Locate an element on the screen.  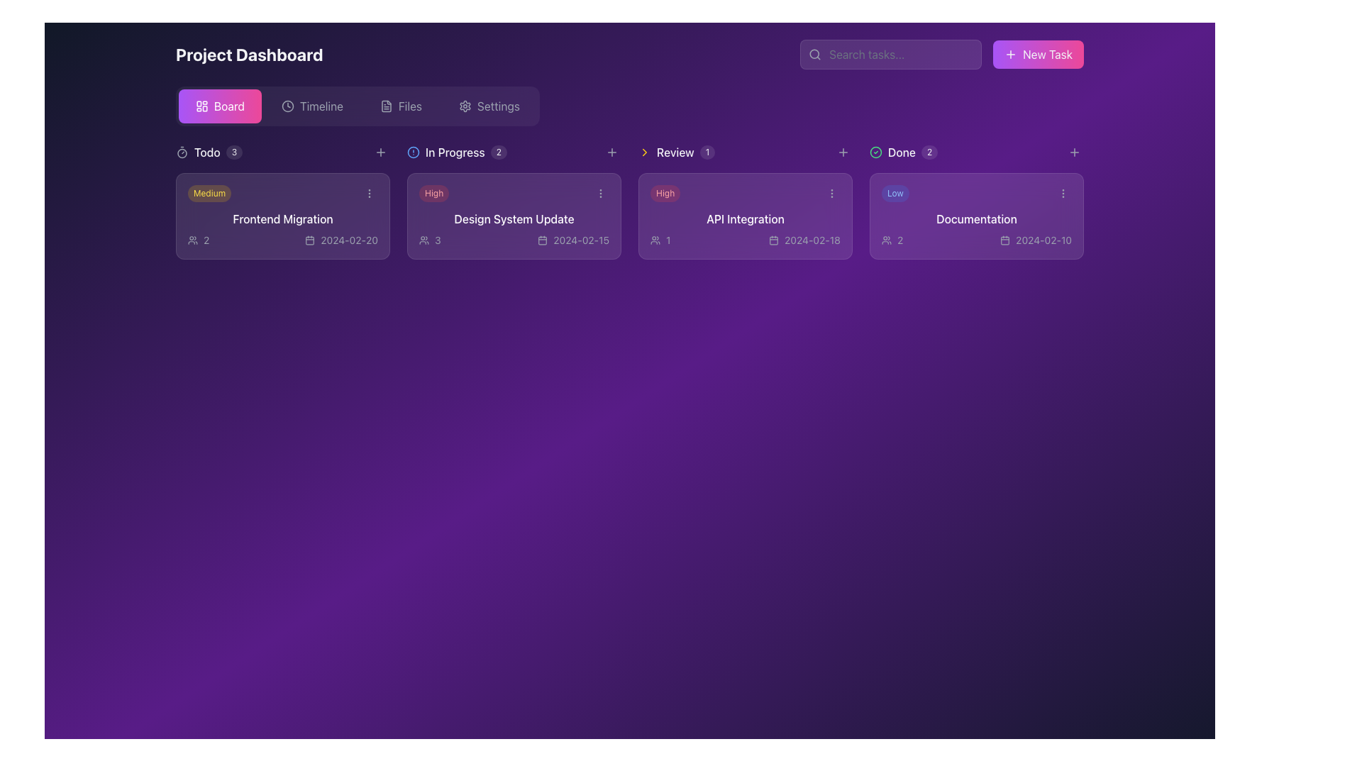
the 'Review 1' indicator with a yellow chevron icon on a purple background is located at coordinates (676, 152).